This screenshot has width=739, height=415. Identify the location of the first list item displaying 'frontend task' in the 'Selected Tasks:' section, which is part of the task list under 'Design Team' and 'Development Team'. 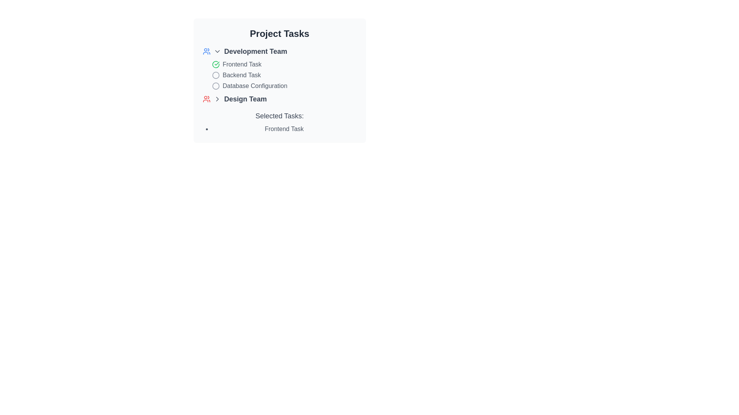
(279, 128).